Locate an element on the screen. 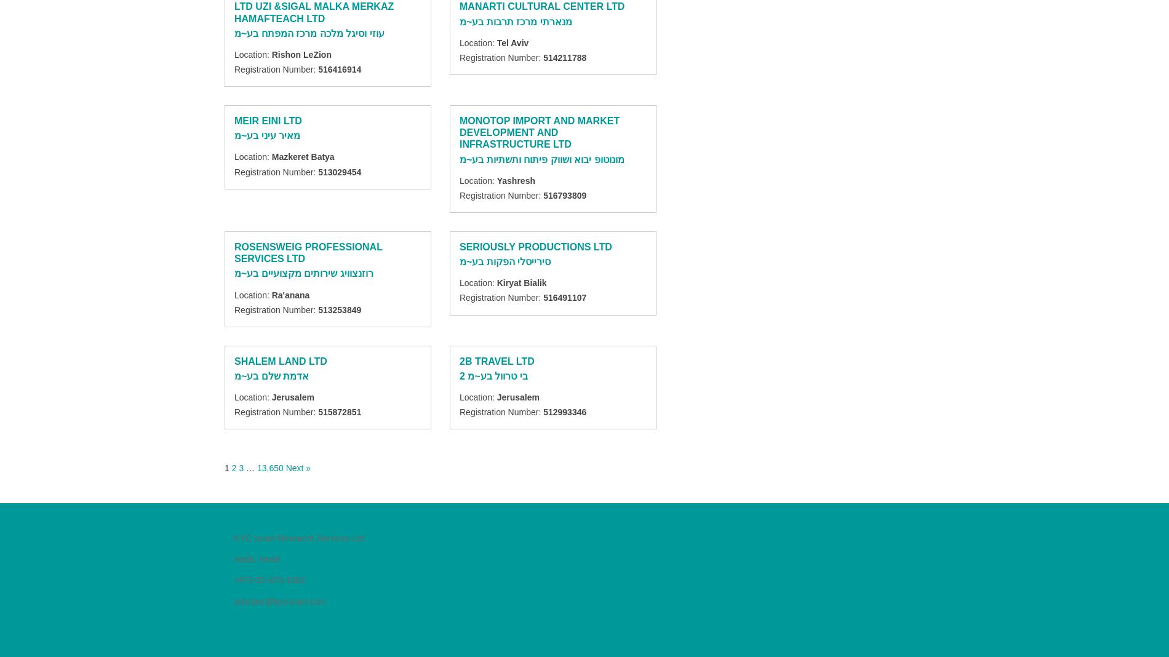  'מנארתי מרכז תרבות בע~מ' is located at coordinates (459, 20).